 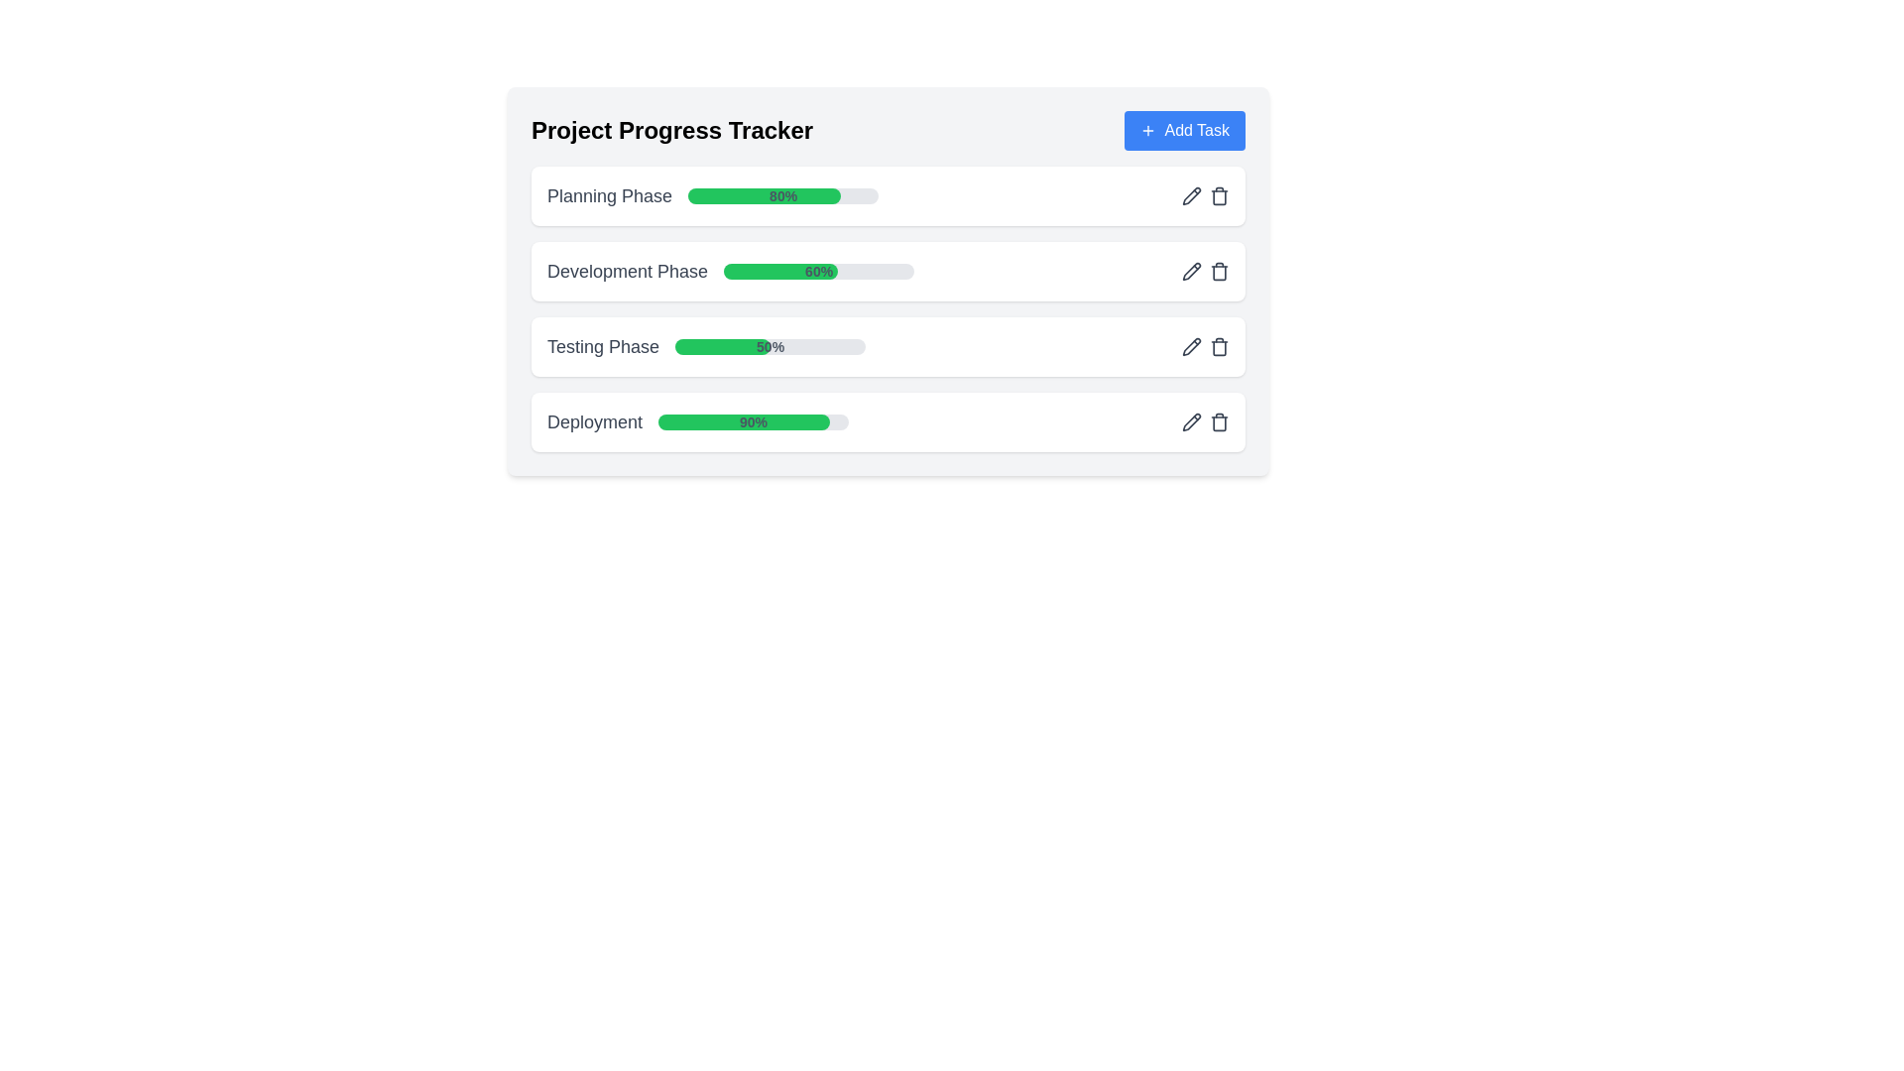 I want to click on the progress bar indicating progress for the 'Testing Phase' located in the third item of the vertical list, adjacent to the action icons, so click(x=770, y=346).